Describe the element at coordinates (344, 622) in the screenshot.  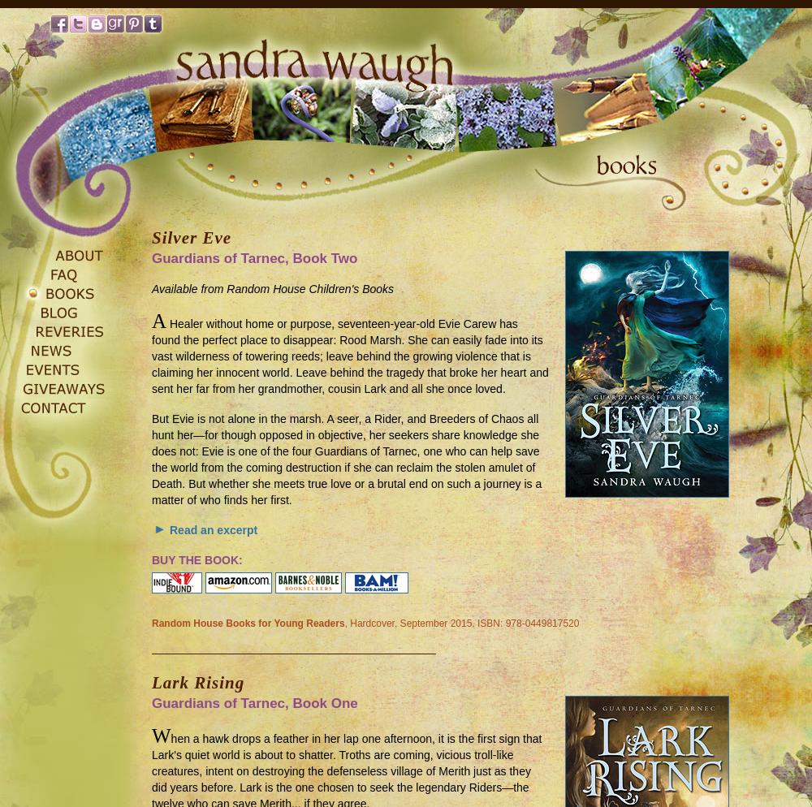
I see `', Hardcover, September 2015, ISBN: 978-0449817520'` at that location.